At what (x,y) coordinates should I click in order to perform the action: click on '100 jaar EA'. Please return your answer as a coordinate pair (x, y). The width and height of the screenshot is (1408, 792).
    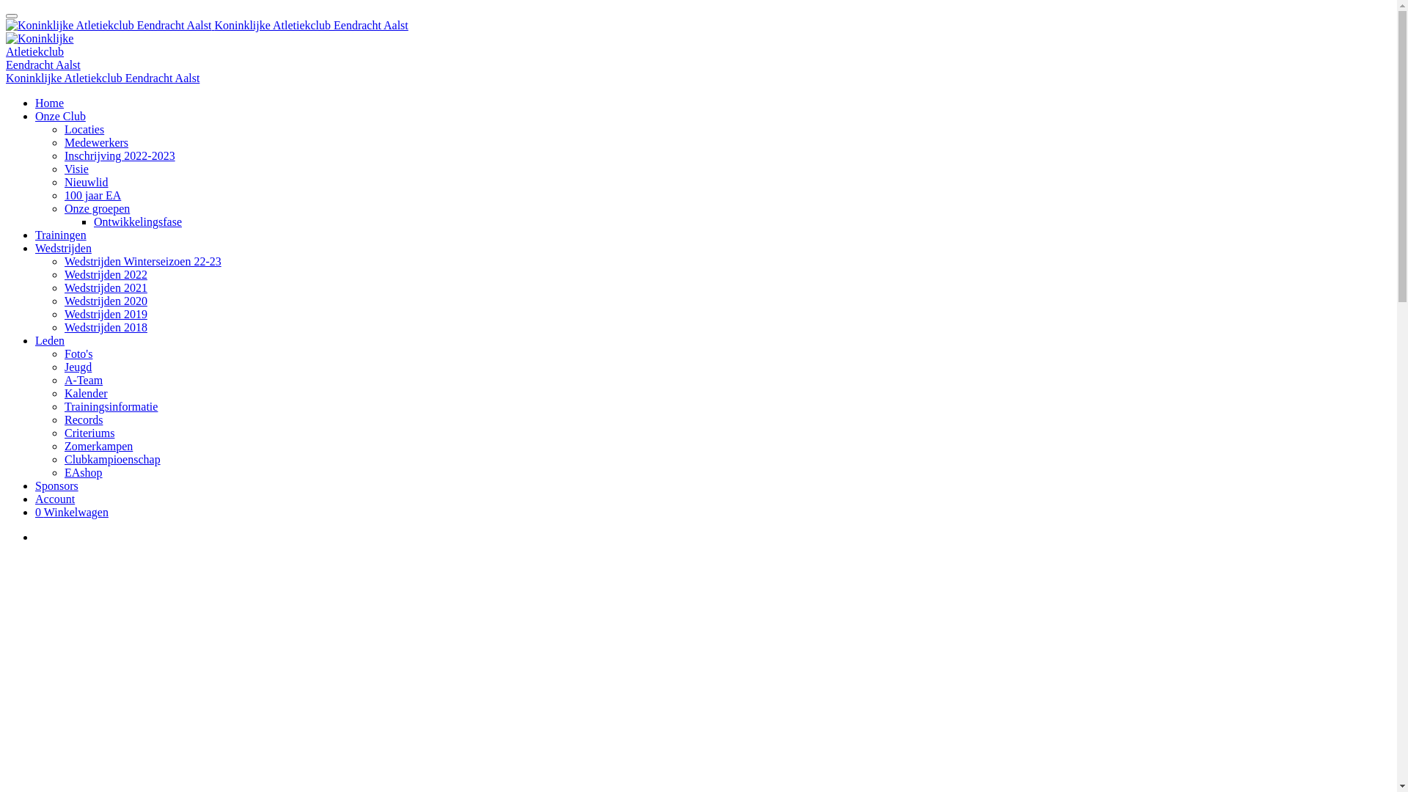
    Looking at the image, I should click on (92, 194).